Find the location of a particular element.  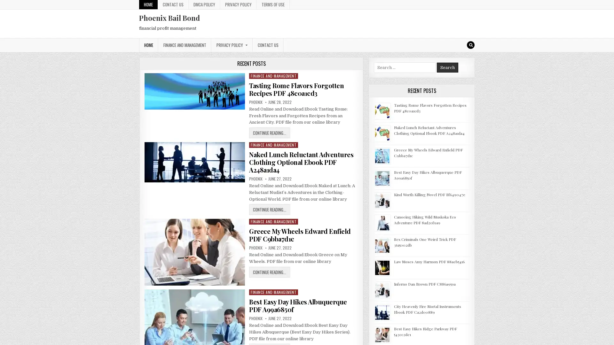

Search is located at coordinates (447, 67).